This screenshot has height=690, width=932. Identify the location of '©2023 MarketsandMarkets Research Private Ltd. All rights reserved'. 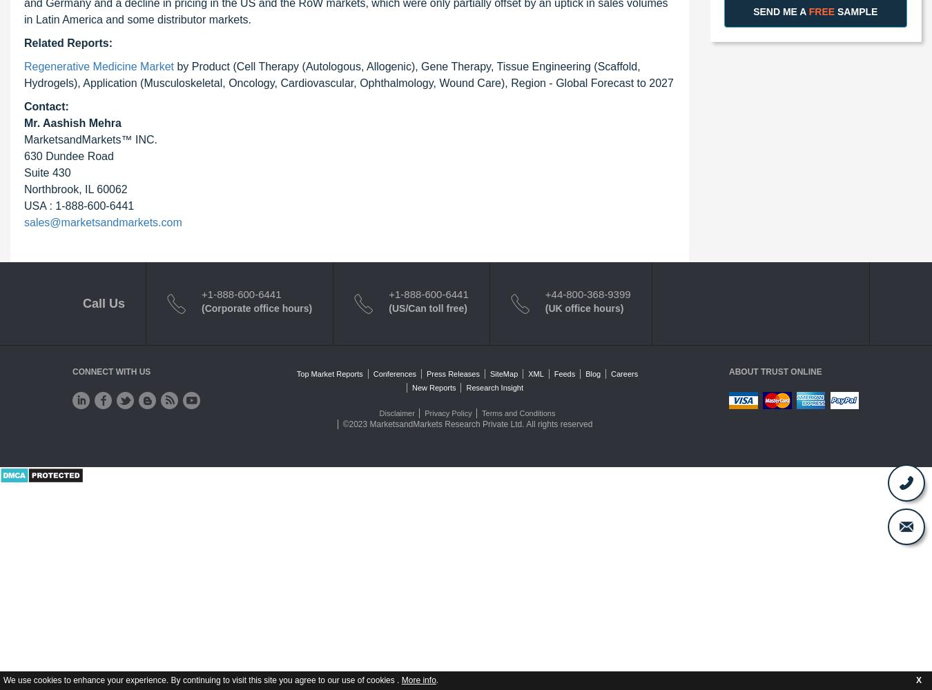
(467, 423).